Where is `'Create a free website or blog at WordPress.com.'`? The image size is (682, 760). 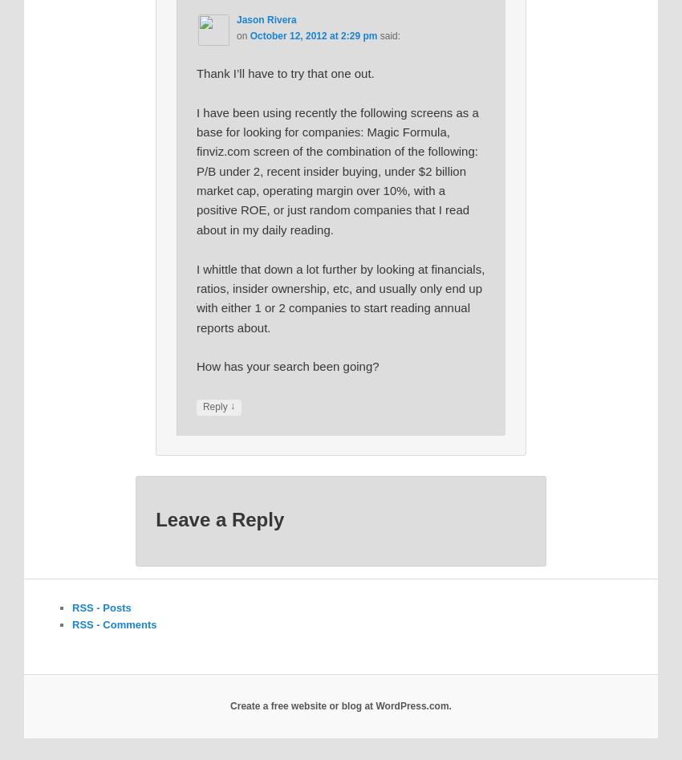 'Create a free website or blog at WordPress.com.' is located at coordinates (340, 705).